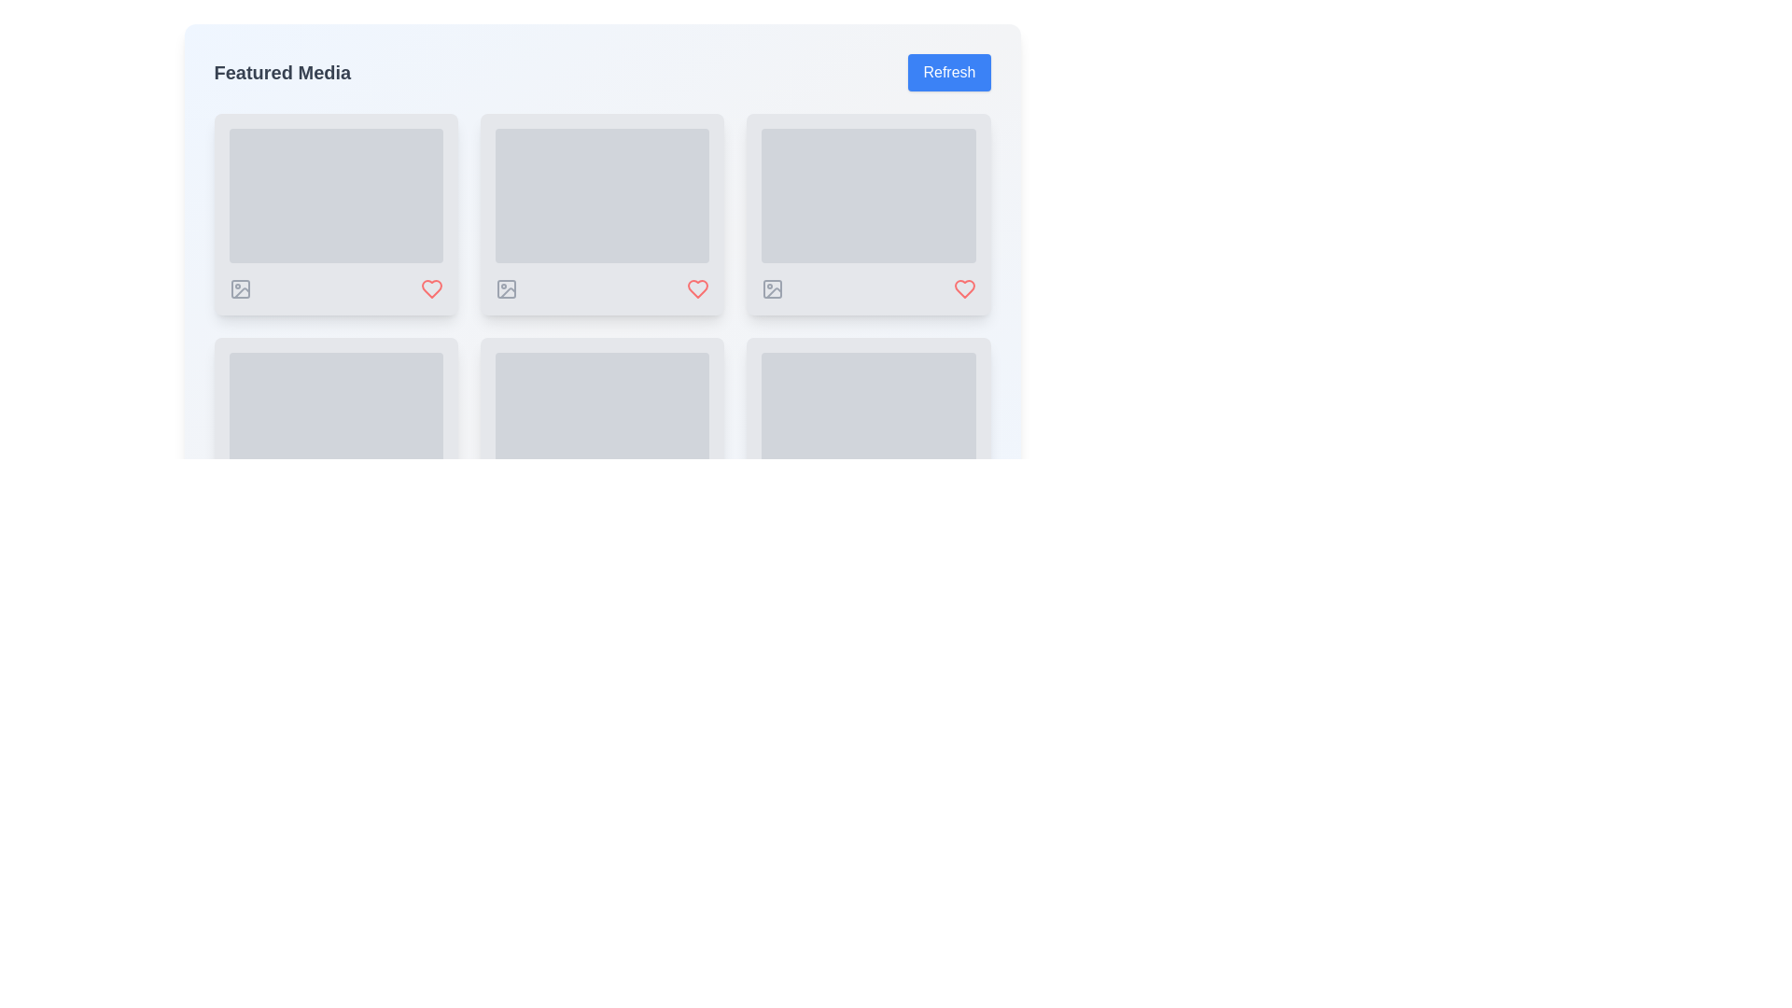 The height and width of the screenshot is (1008, 1792). I want to click on the rectangular card with rounded corners and a light gray background located in the lower middle row of the grid layout in the 'Featured Media' section, specifically in the second column, so click(602, 439).